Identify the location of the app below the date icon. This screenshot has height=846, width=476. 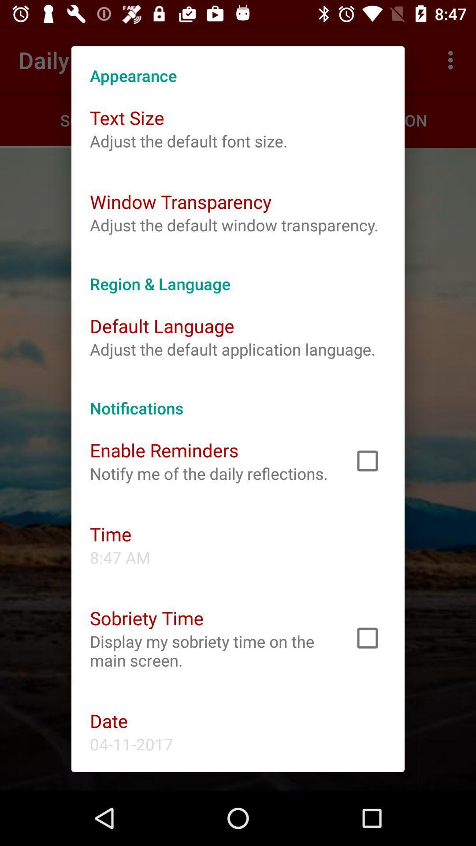
(131, 744).